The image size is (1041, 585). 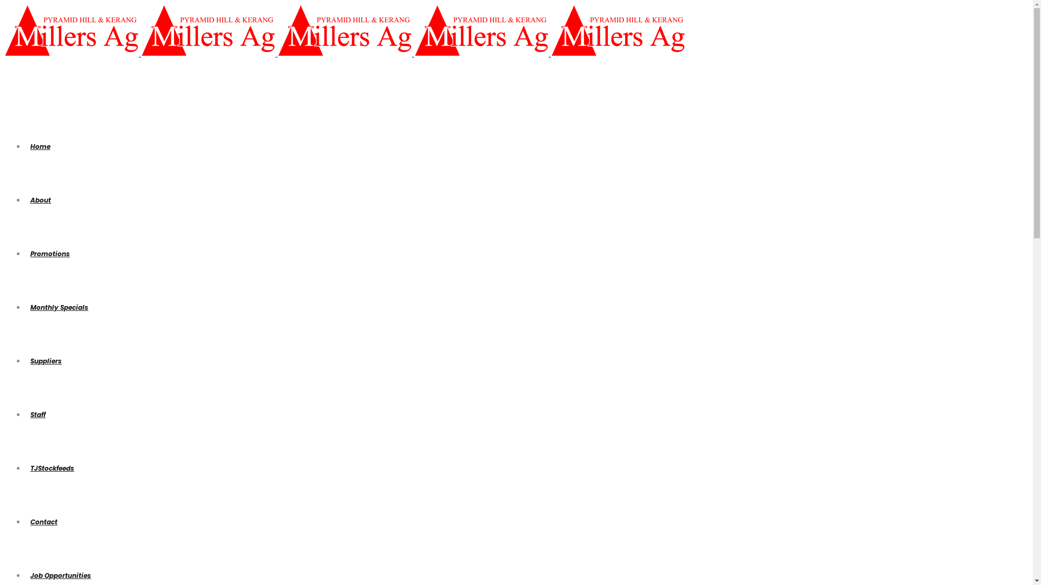 I want to click on 'Suppliers', so click(x=46, y=361).